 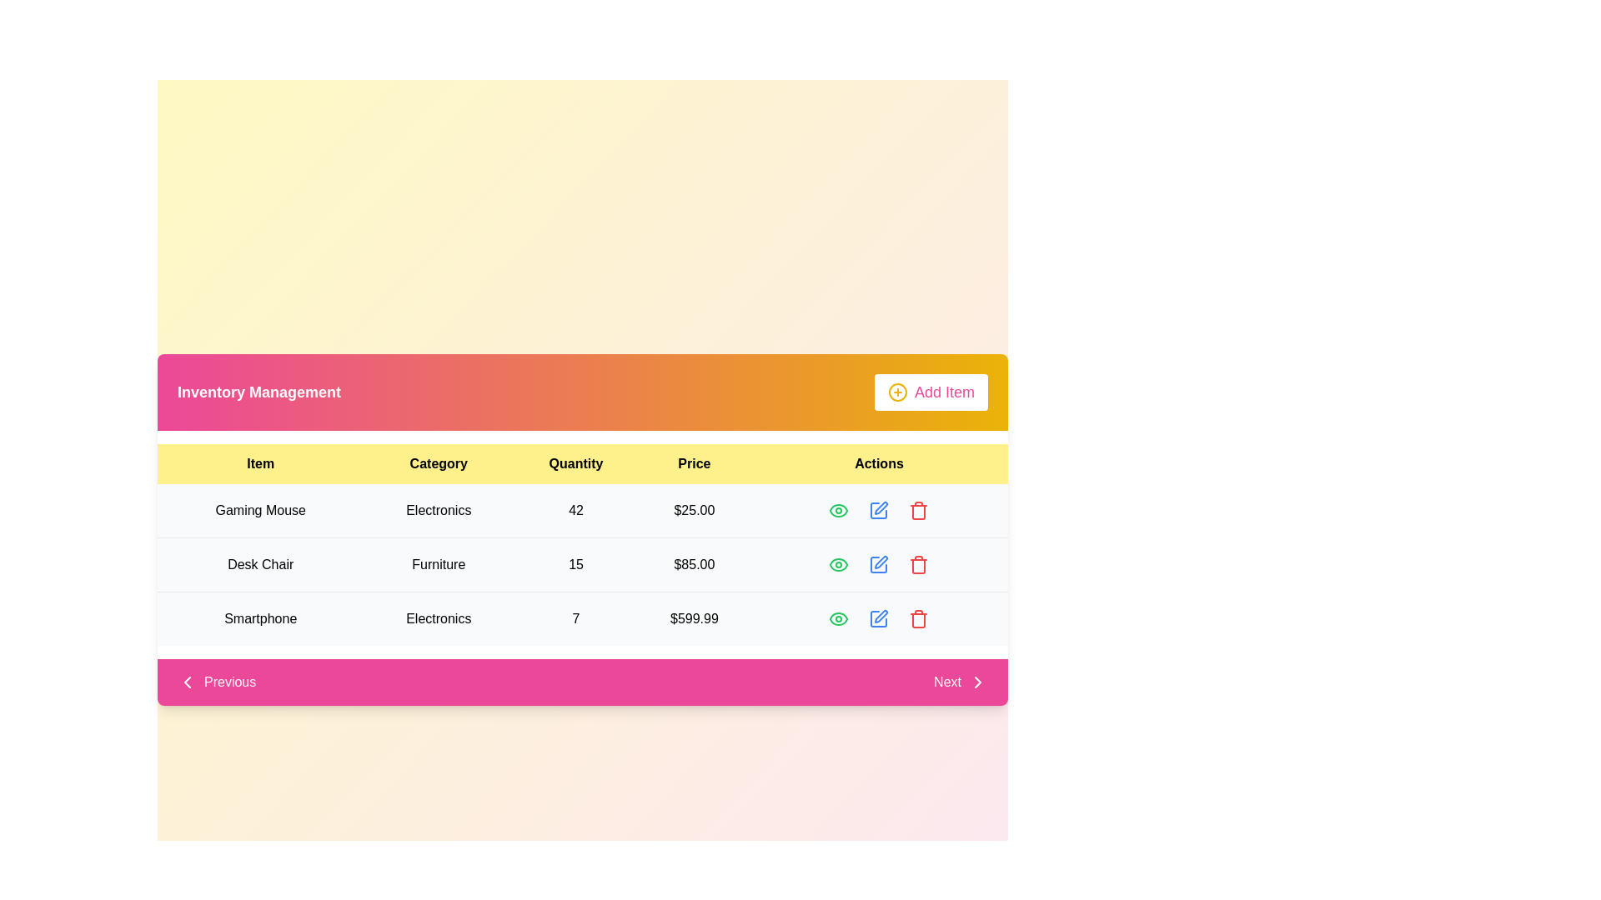 What do you see at coordinates (839, 619) in the screenshot?
I see `the green eye icon in the 'Actions' column for the 'Smartphone' row` at bounding box center [839, 619].